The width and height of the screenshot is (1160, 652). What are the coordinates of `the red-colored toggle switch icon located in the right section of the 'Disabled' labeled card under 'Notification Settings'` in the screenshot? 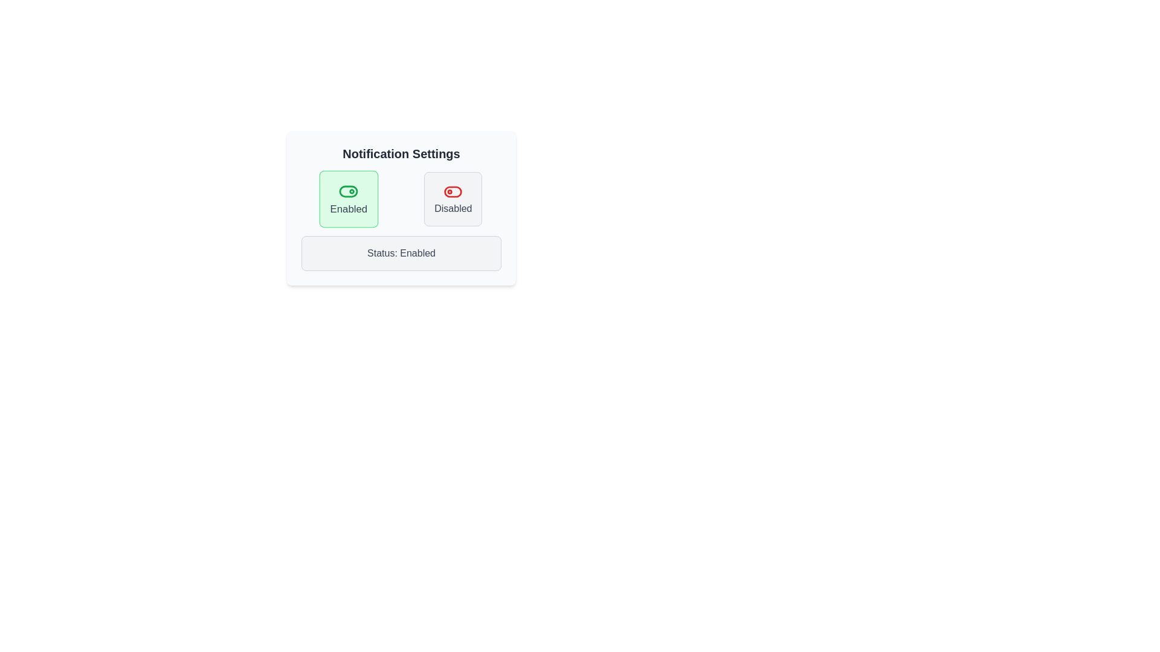 It's located at (453, 191).